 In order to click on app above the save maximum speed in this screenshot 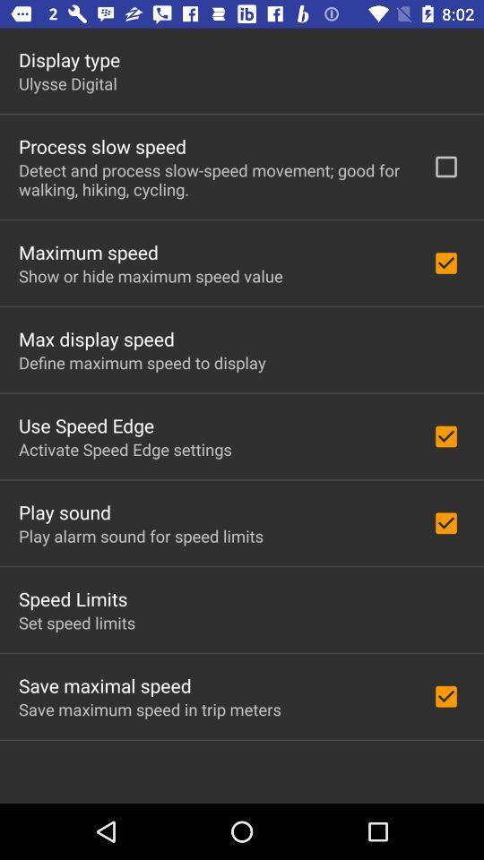, I will do `click(105, 684)`.